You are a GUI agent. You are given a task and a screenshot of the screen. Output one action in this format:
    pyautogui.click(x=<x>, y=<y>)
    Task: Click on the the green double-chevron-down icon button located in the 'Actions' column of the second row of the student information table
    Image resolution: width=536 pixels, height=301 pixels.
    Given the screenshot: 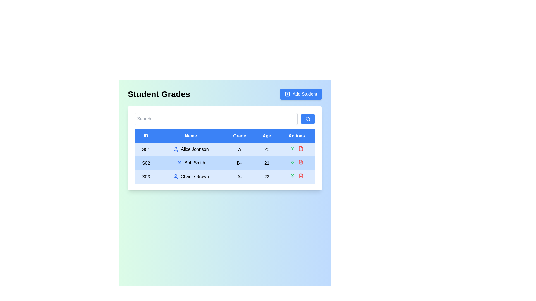 What is the action you would take?
    pyautogui.click(x=292, y=162)
    